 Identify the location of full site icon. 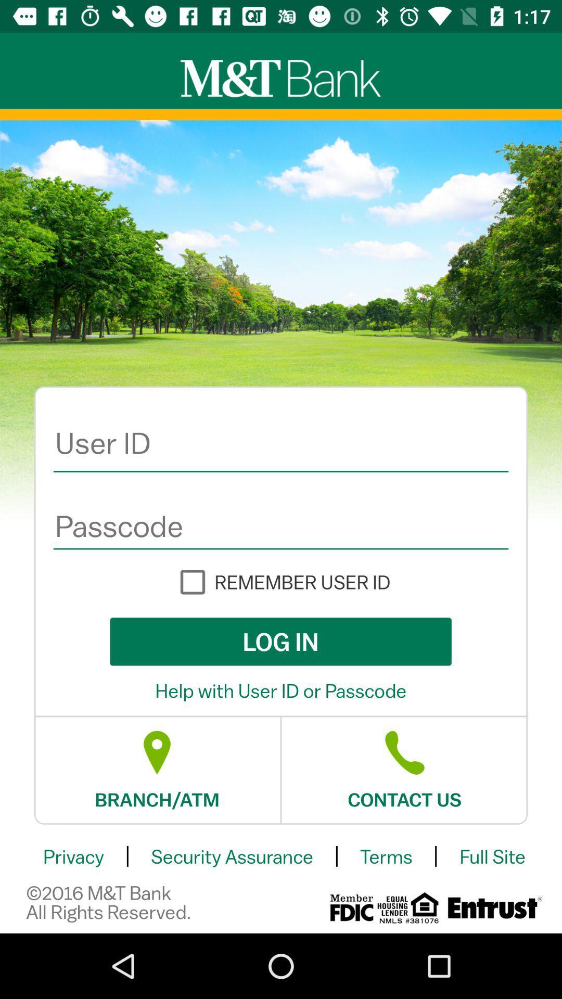
(492, 856).